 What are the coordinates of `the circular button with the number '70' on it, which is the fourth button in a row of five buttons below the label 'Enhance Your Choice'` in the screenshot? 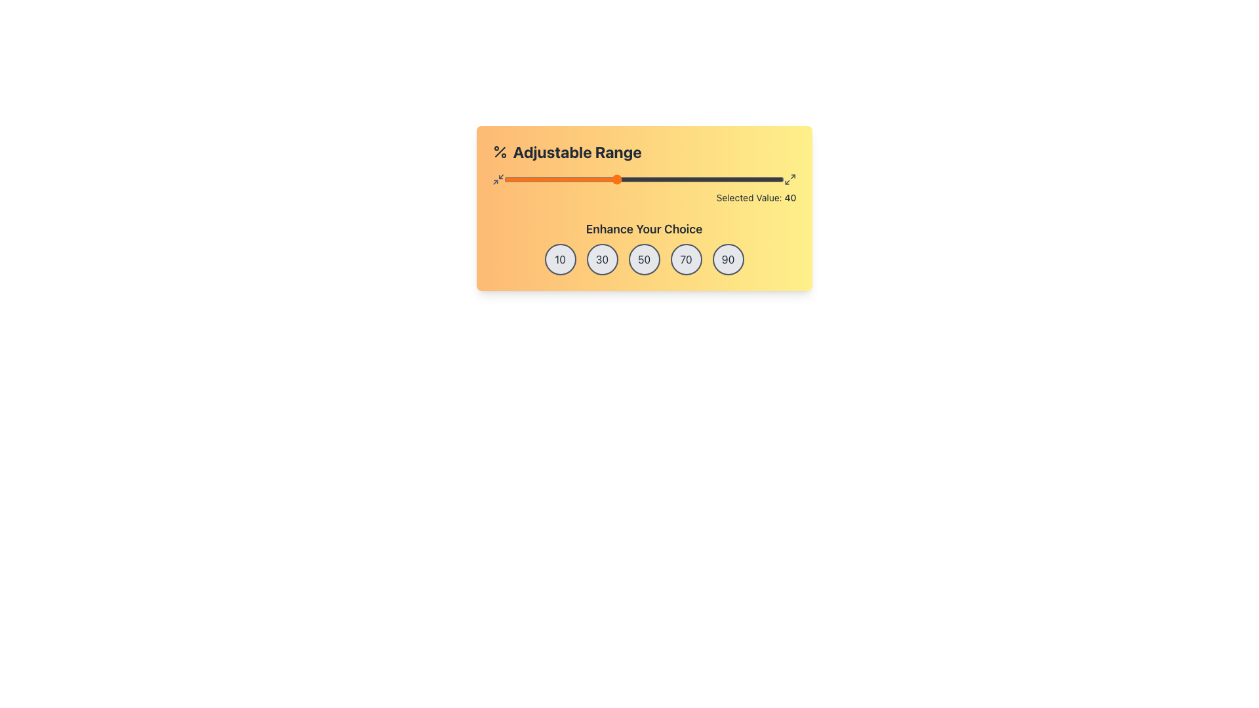 It's located at (685, 260).